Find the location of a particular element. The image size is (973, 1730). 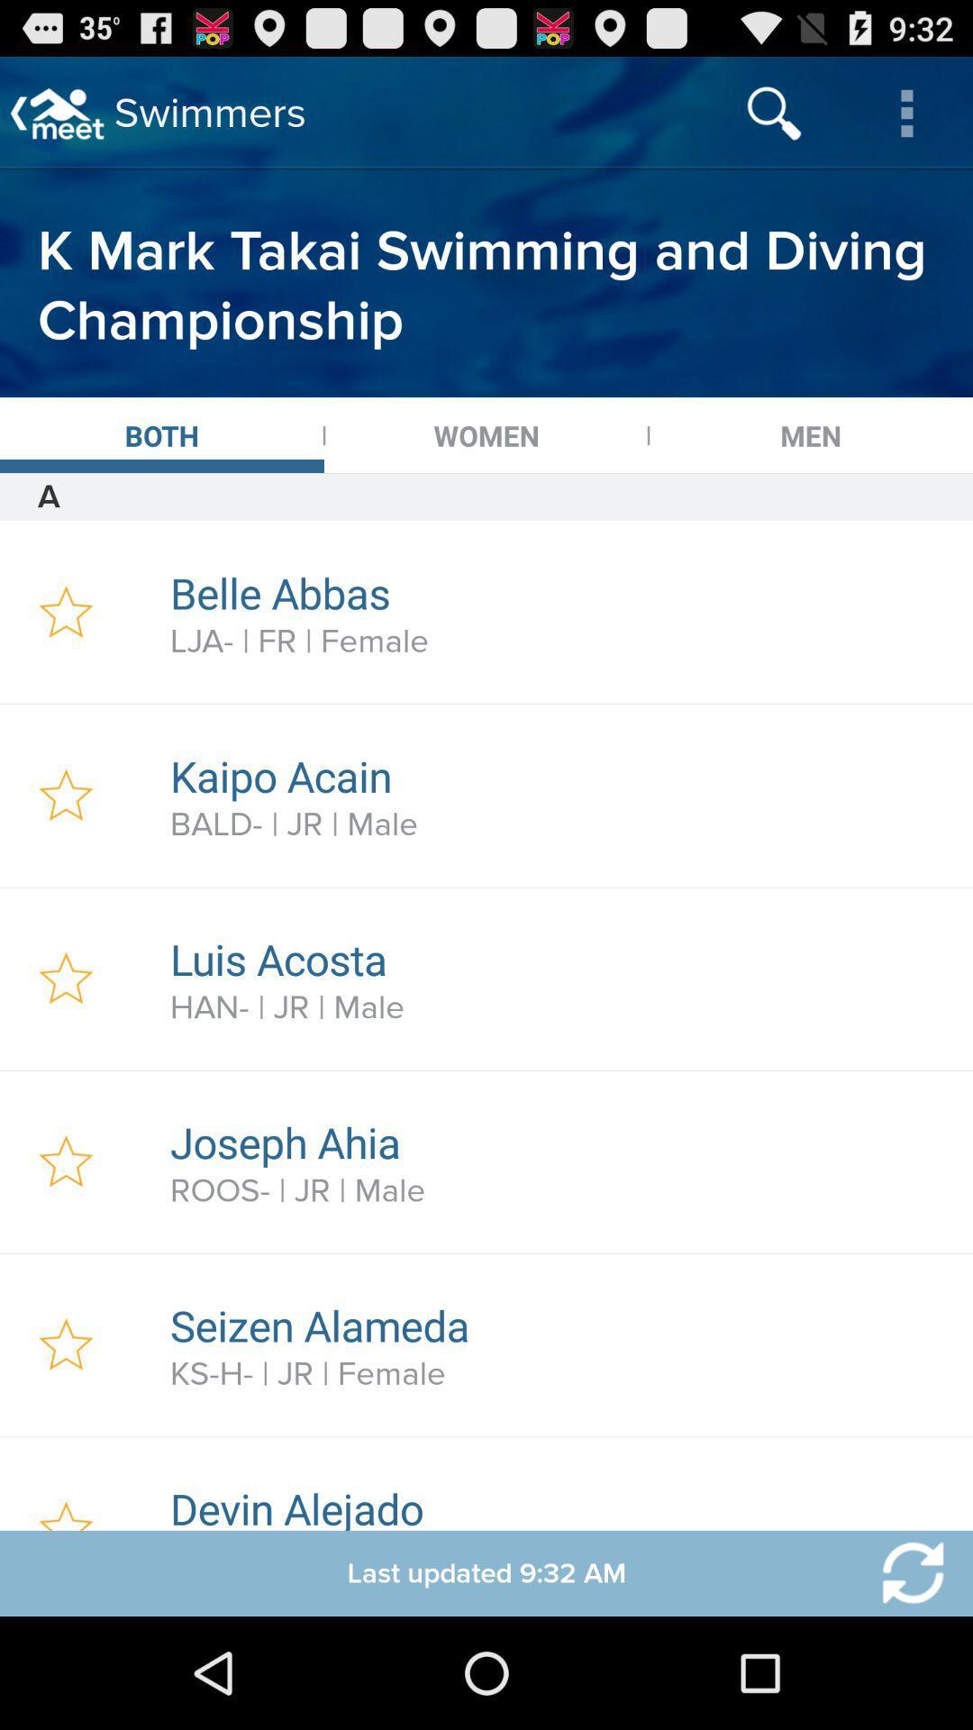

the icon above a icon is located at coordinates (162, 435).